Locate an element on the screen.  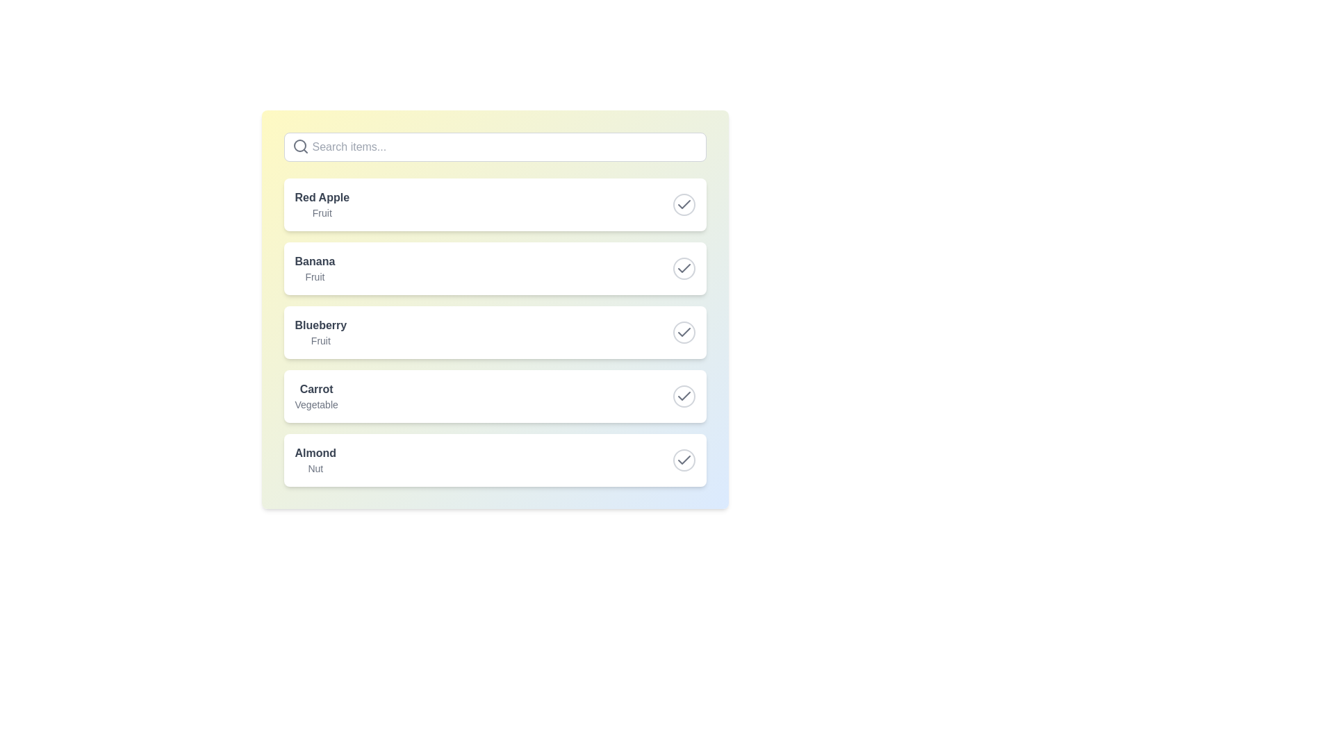
the search icon located at the far left inside the text input field adjacent to the placeholder text 'Search items...' is located at coordinates (299, 147).